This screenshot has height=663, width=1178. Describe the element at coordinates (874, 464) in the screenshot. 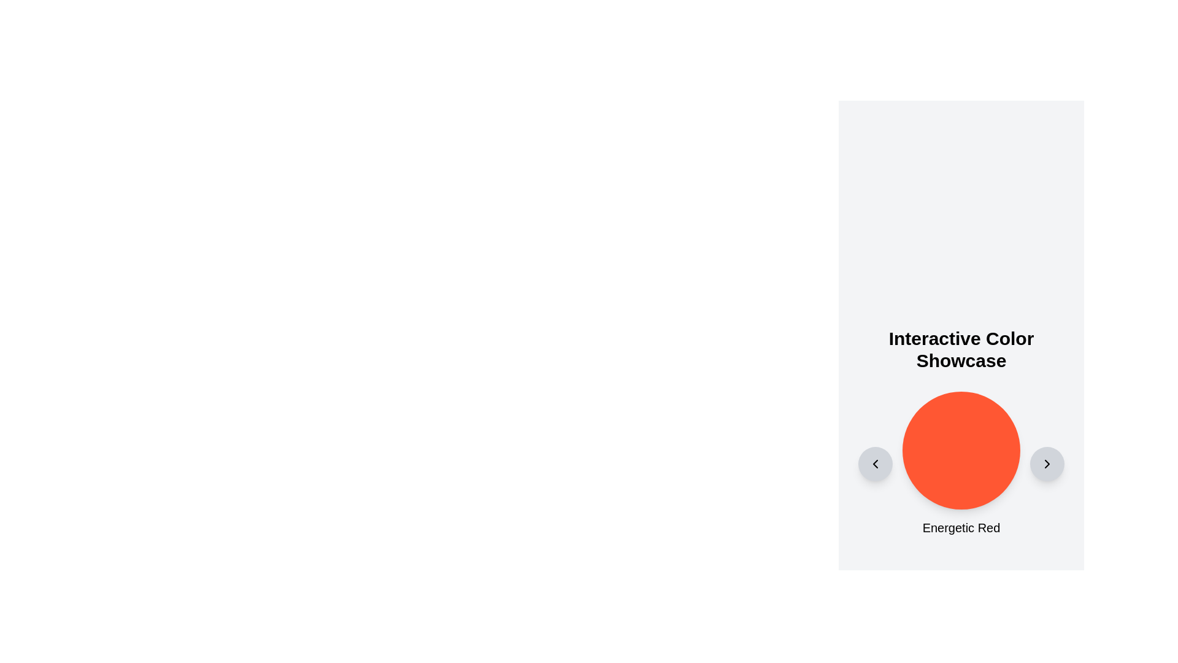

I see `the leftward chevron icon located inside the circular button on the left side of the main interface` at that location.